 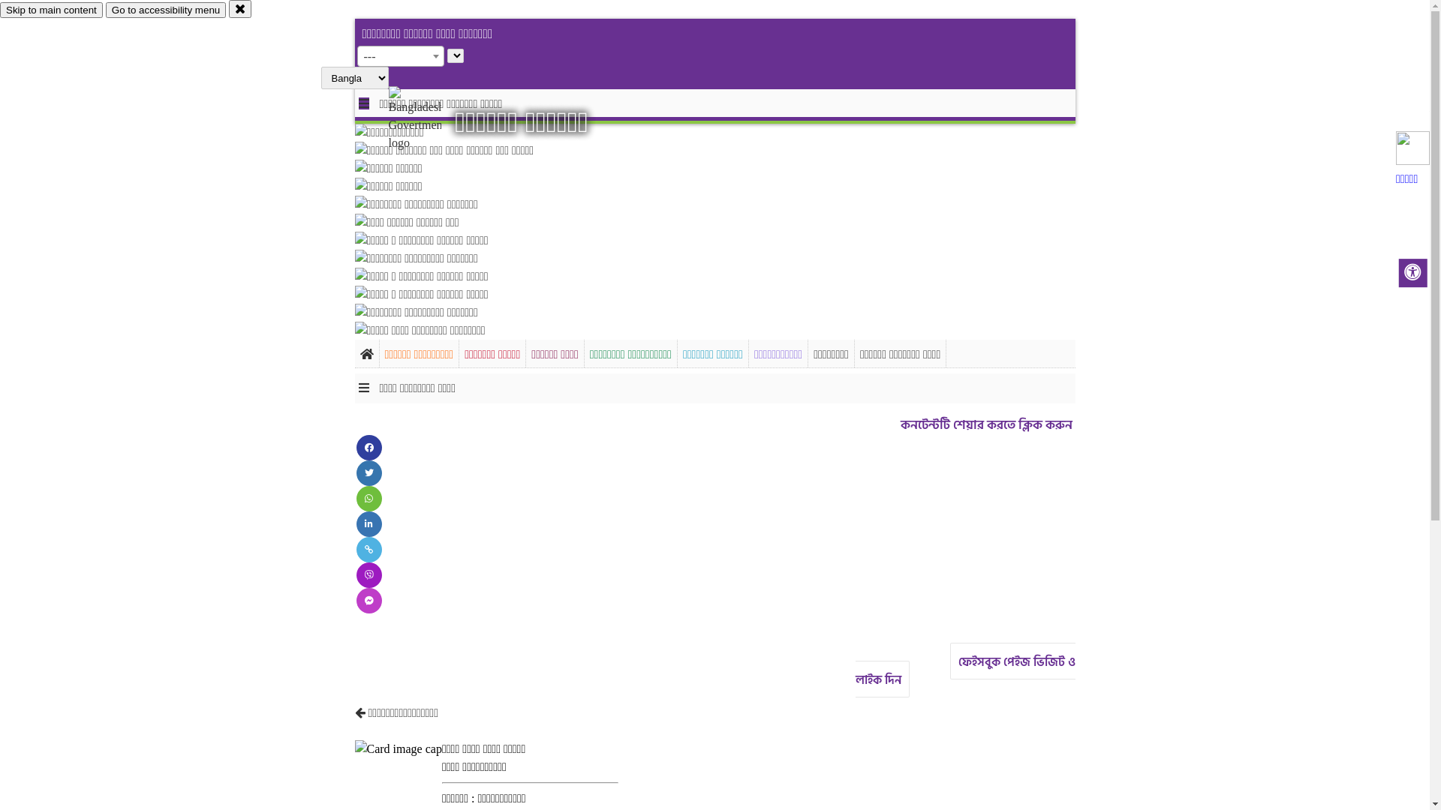 What do you see at coordinates (240, 8) in the screenshot?
I see `'close'` at bounding box center [240, 8].